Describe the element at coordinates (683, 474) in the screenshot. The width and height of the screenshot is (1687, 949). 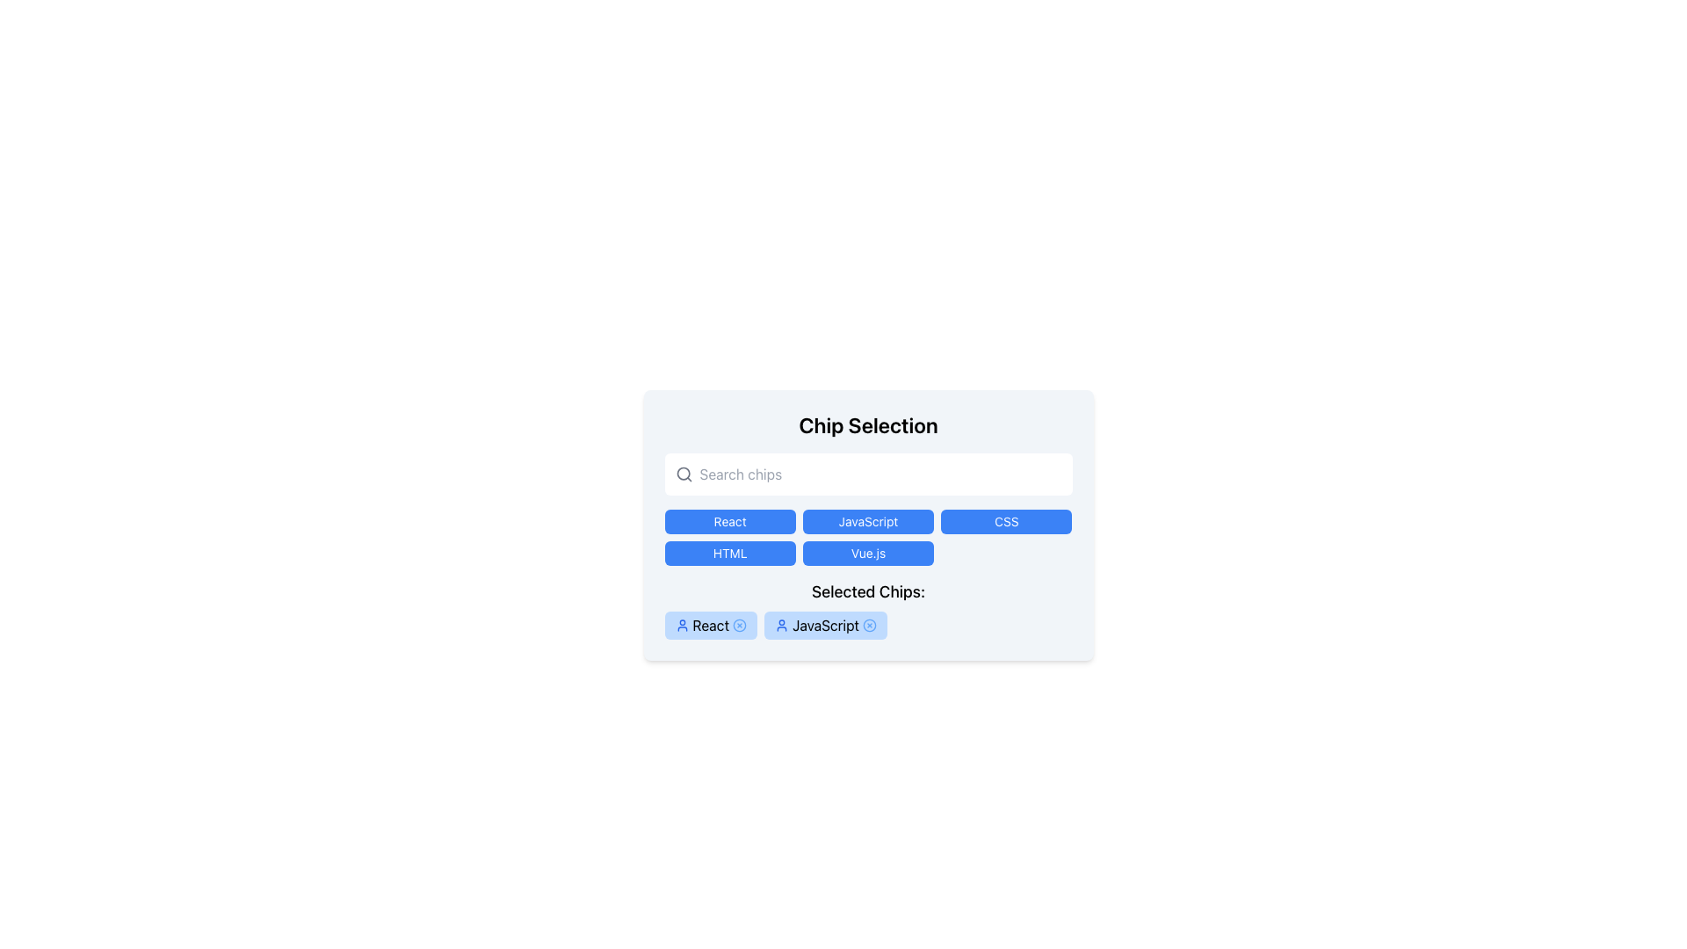
I see `the circular search icon with a magnifying glass located at the far left of the 'Search chips' input field to initiate a search` at that location.